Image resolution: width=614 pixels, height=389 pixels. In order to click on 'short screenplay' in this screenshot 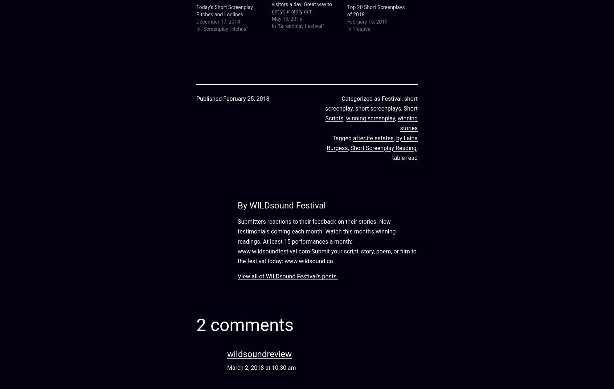, I will do `click(371, 103)`.